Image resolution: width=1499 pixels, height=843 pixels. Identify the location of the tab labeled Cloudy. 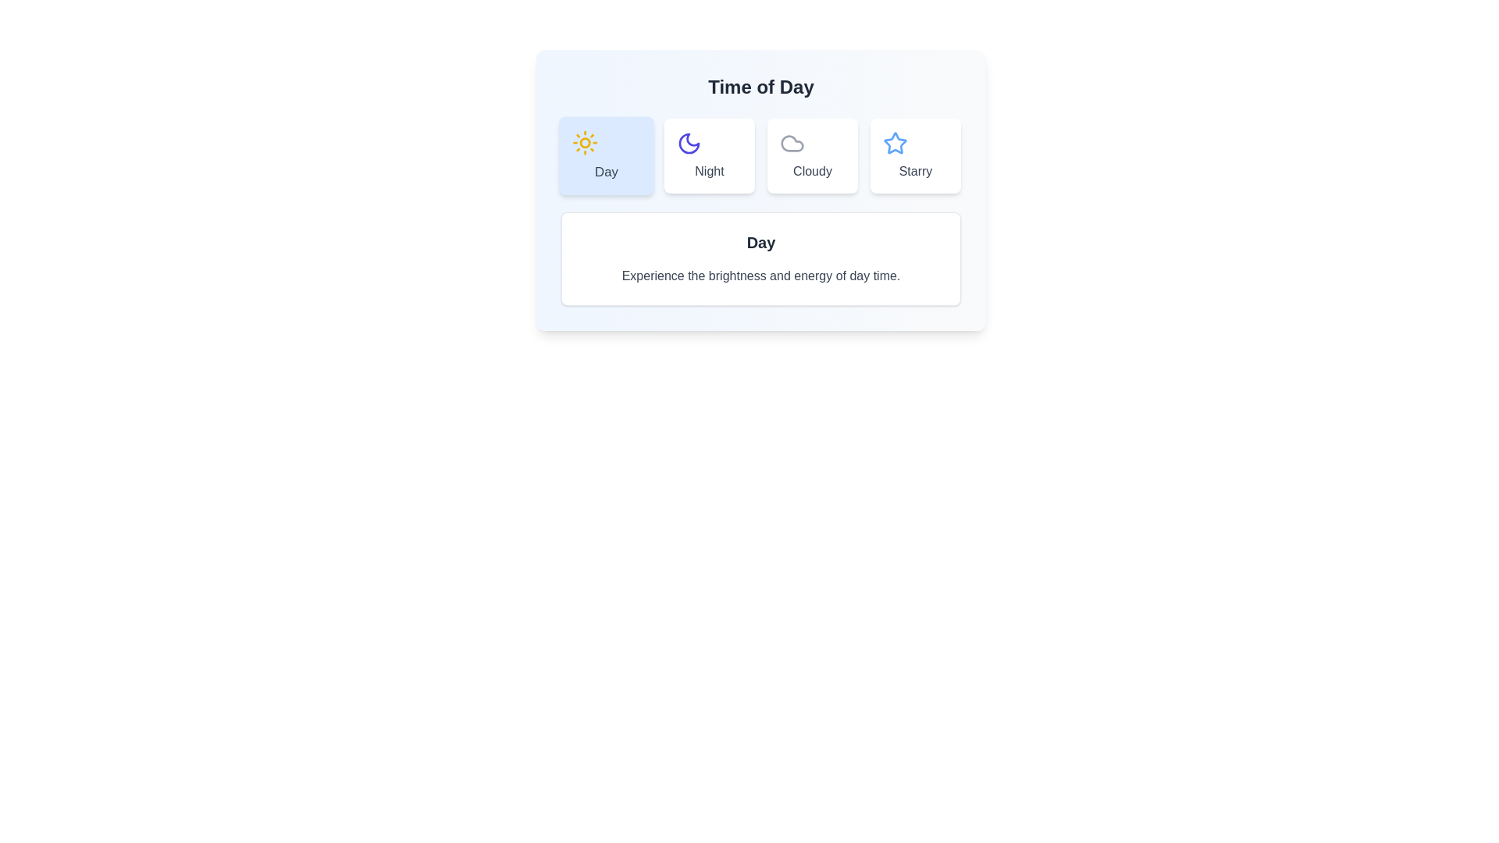
(812, 156).